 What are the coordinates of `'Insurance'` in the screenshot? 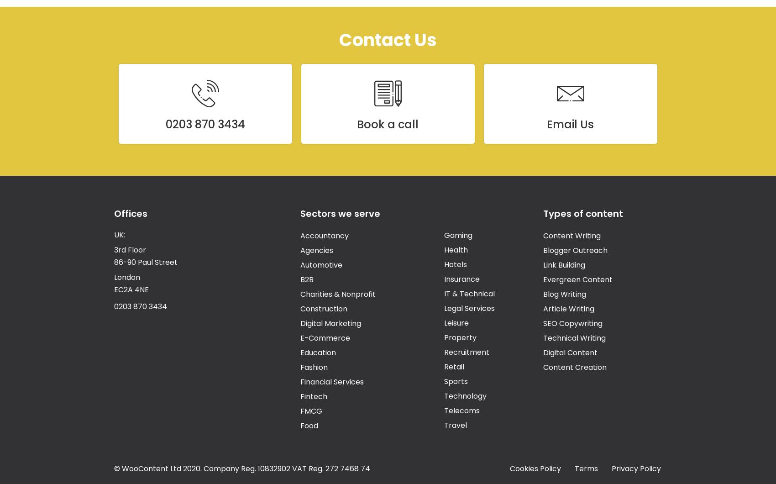 It's located at (461, 279).